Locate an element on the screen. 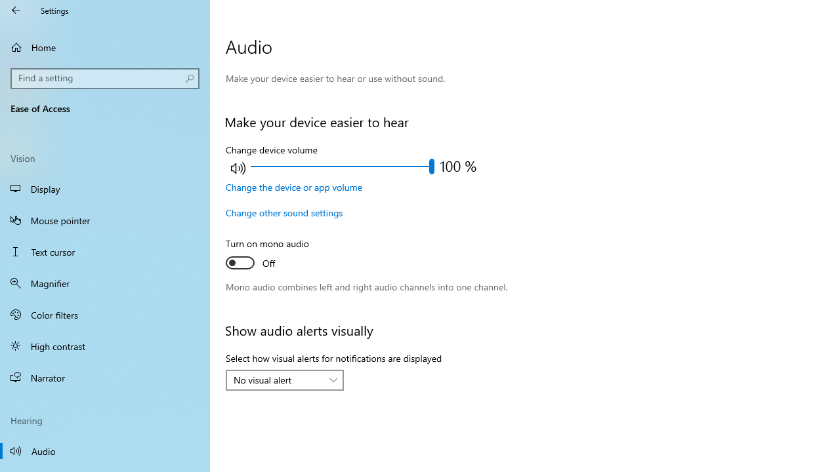 The width and height of the screenshot is (840, 472). 'Display' is located at coordinates (105, 189).